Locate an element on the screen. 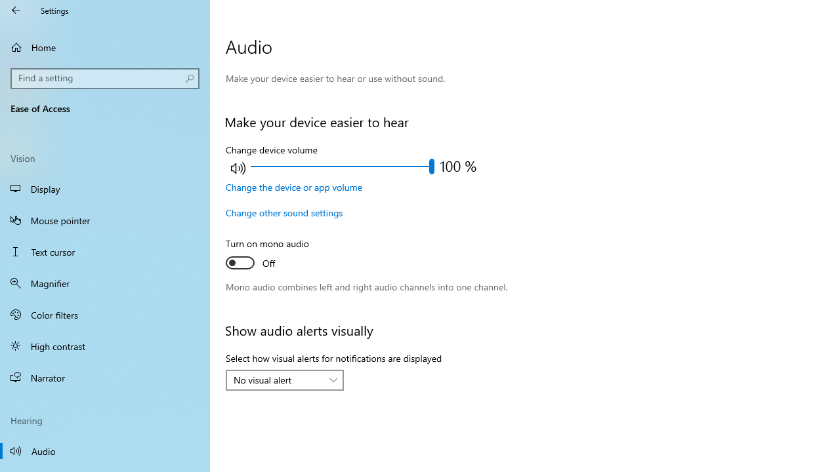 The width and height of the screenshot is (840, 472). 'Display' is located at coordinates (105, 189).